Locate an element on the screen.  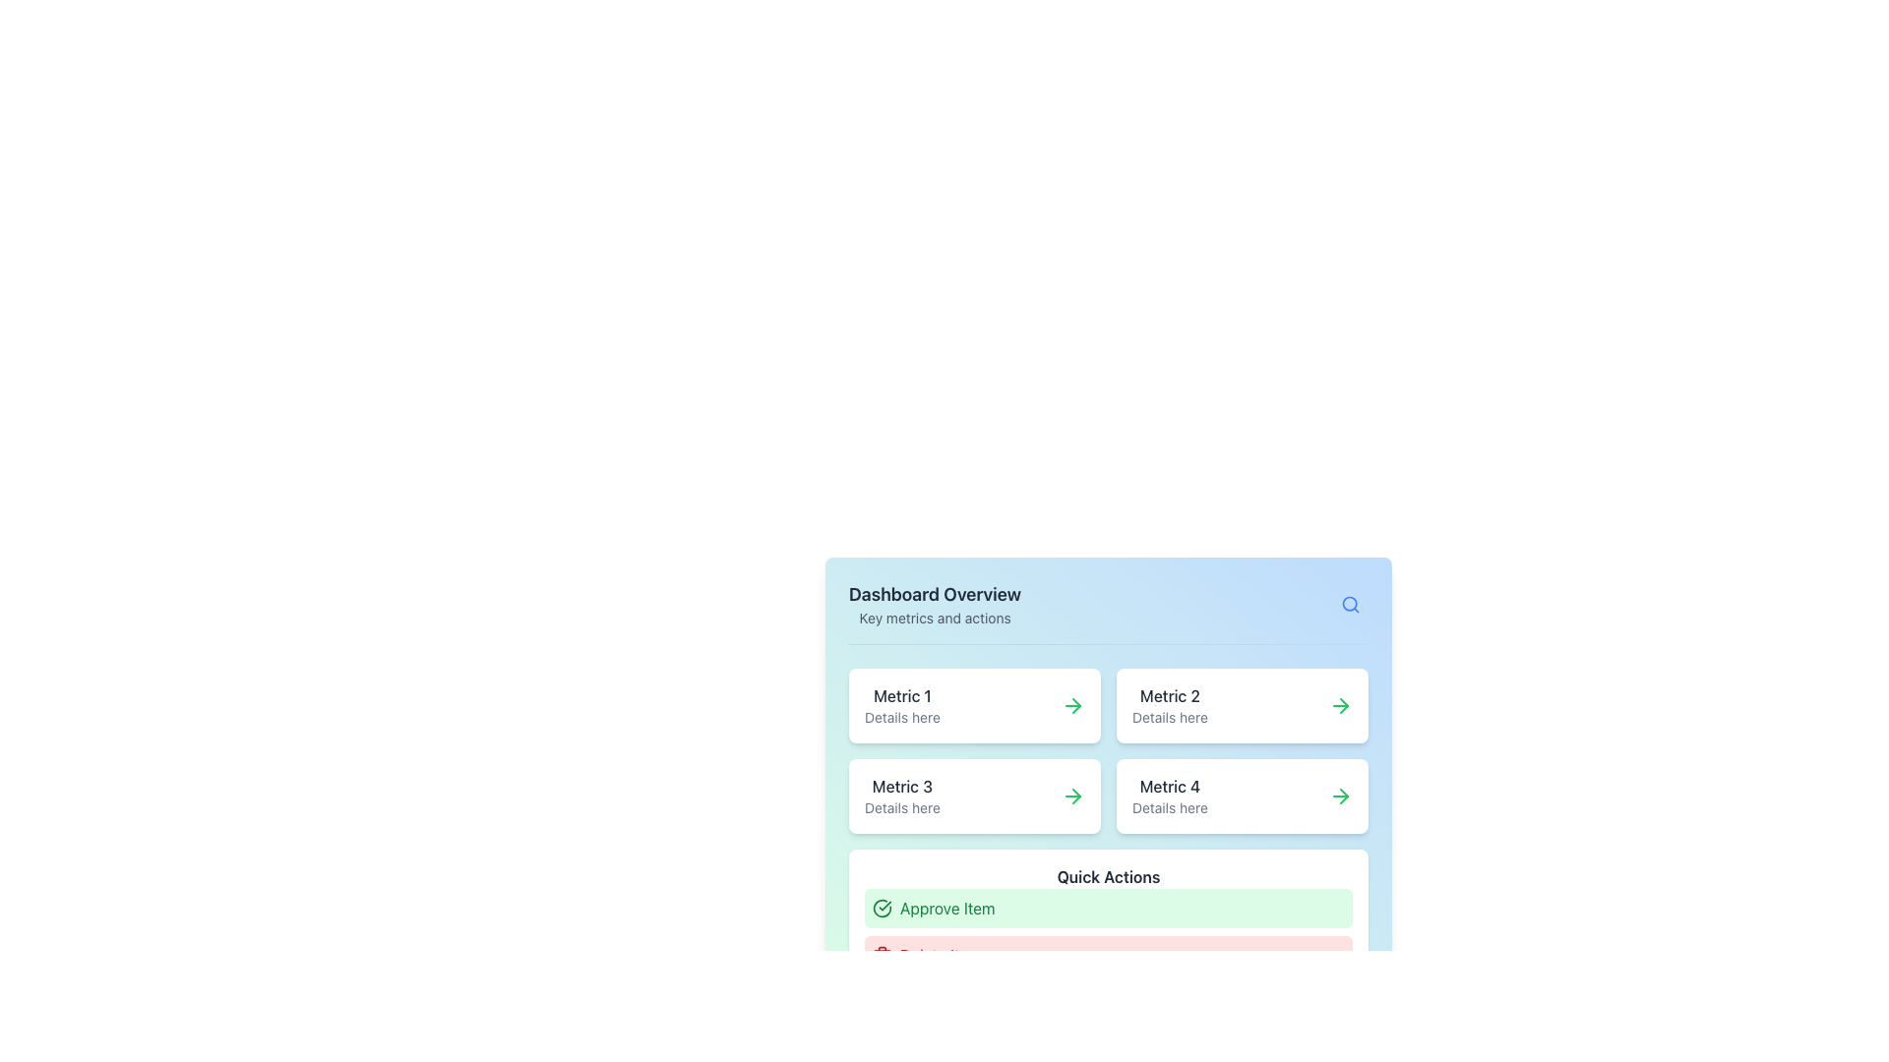
static text element displaying 'Details here' located below 'Metric 2' in the top-right area of the dashboard layout is located at coordinates (1170, 717).